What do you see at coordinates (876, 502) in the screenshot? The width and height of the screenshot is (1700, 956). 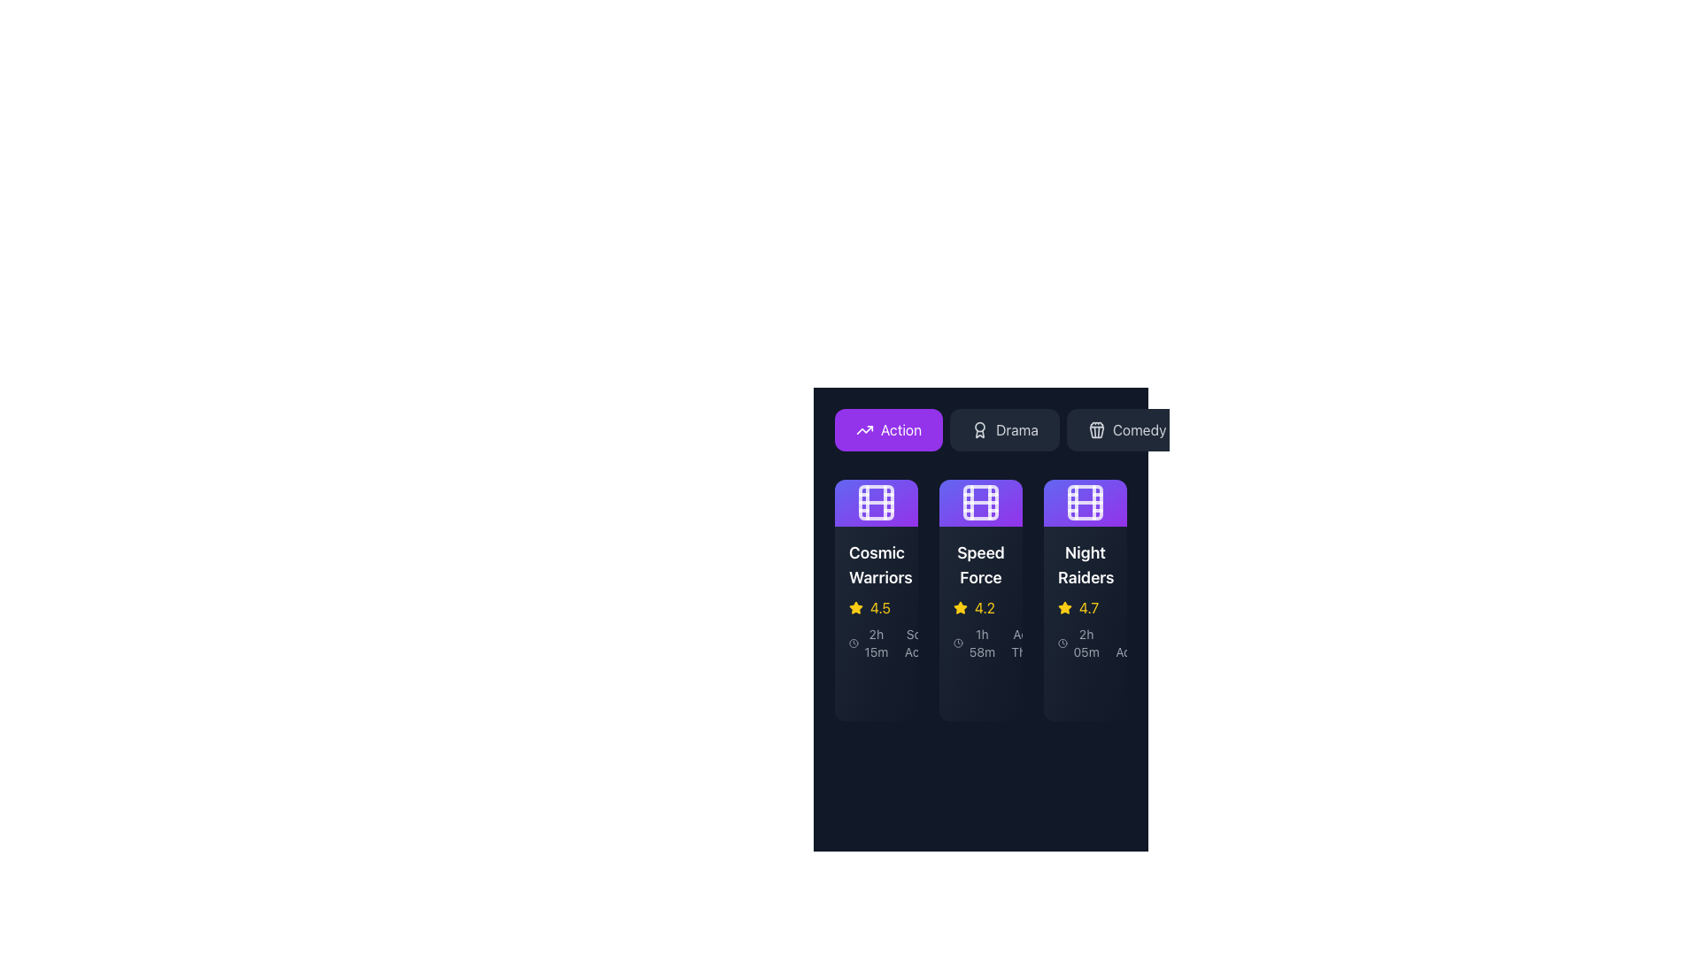 I see `the Icongraphic element representing the film reel for the movie 'Cosmic Warriors', located in the top-left corner of the card layout under the 'Action' tab` at bounding box center [876, 502].